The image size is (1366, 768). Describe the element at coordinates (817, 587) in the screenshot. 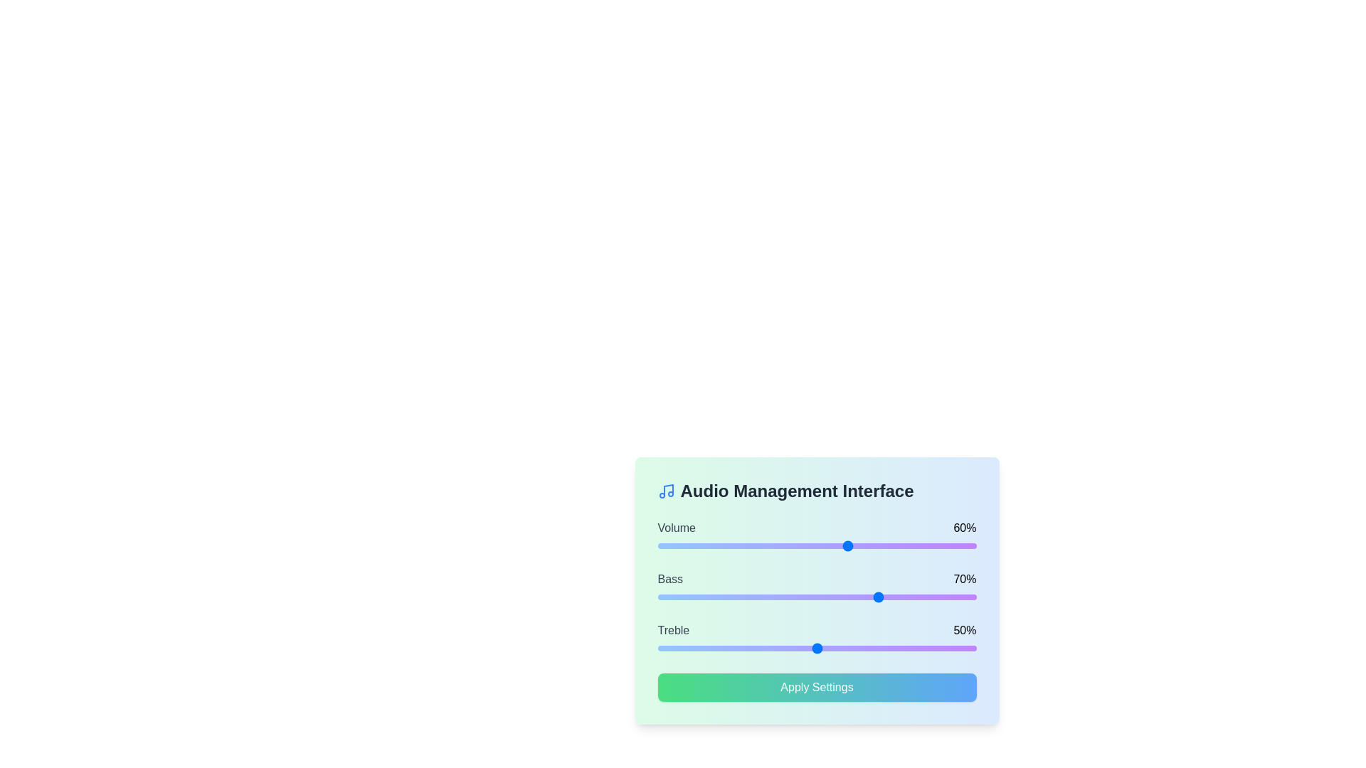

I see `the percentage values (60%, 70%, 50%)` at that location.